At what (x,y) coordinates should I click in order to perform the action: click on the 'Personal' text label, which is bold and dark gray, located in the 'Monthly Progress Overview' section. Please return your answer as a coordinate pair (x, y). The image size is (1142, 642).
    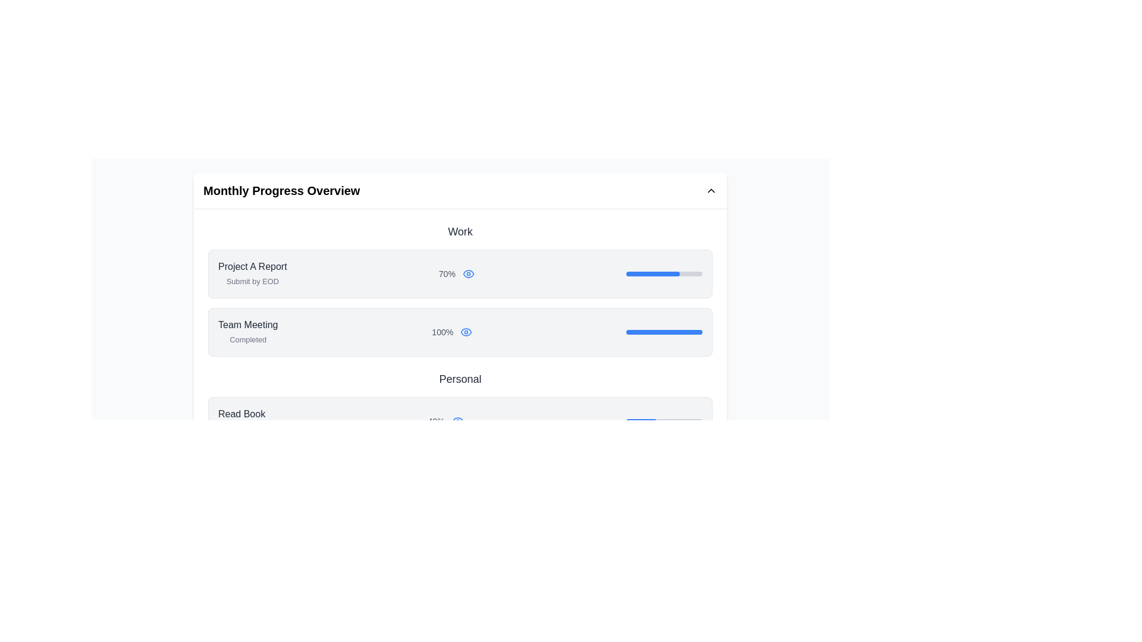
    Looking at the image, I should click on (459, 379).